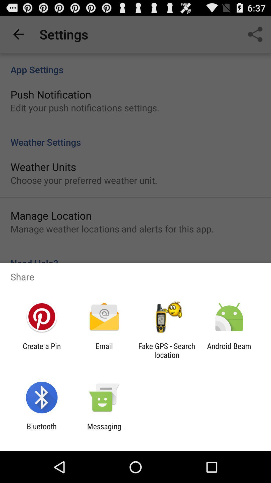  Describe the element at coordinates (229, 350) in the screenshot. I see `android beam icon` at that location.